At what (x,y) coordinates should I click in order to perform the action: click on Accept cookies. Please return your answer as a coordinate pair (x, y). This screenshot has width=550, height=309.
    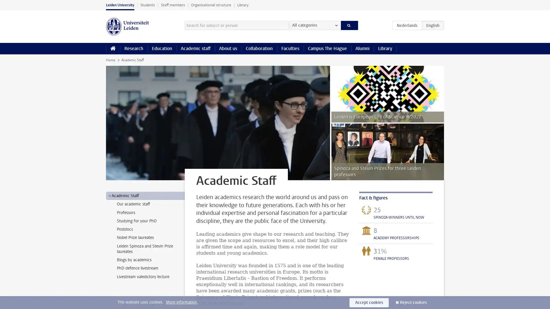
    Looking at the image, I should click on (369, 302).